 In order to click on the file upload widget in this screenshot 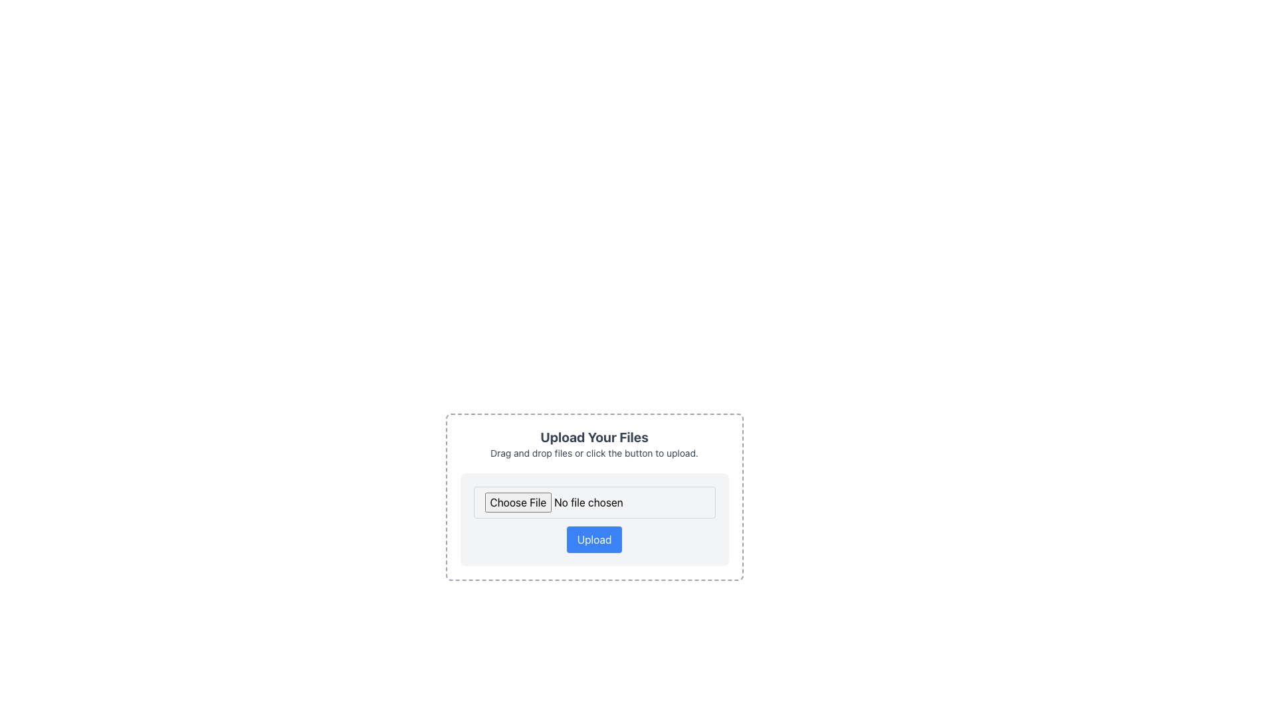, I will do `click(593, 497)`.